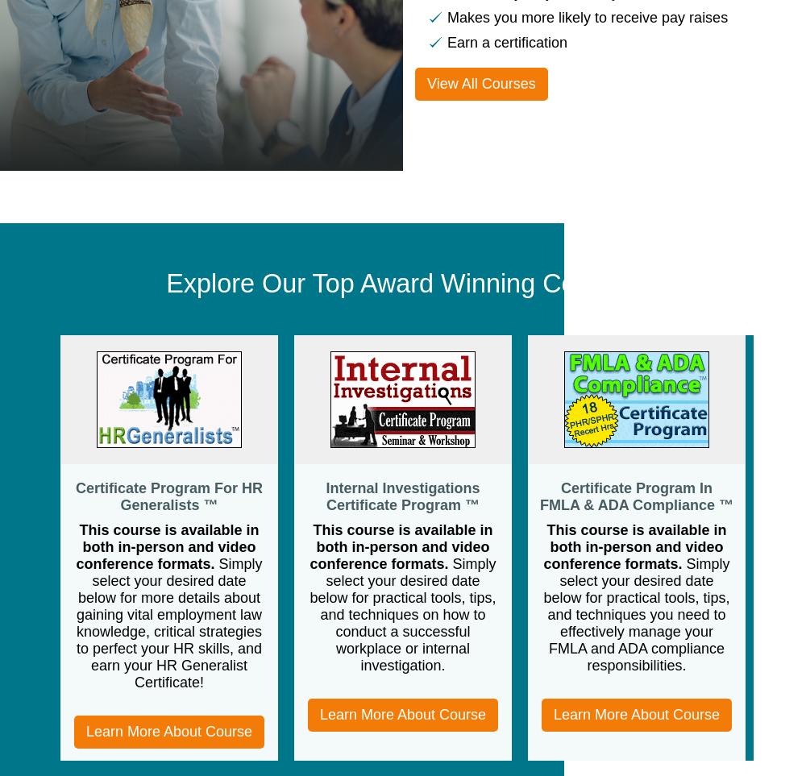 This screenshot has width=806, height=776. Describe the element at coordinates (401, 614) in the screenshot. I see `'Simply select your desired date below for practical tools, tips, and techniques on how to conduct a successful workplace or internal investigation.'` at that location.